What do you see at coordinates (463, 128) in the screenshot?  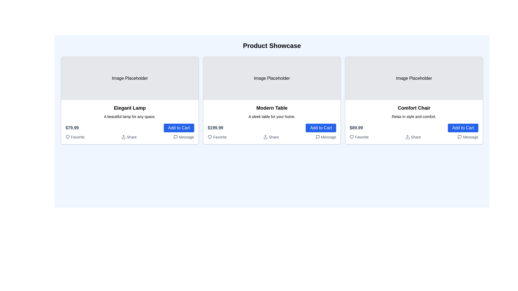 I see `the 'Add to Cart' button for the 'Comfort Chair' product located in the bottom-right section of the product card to trigger visual feedback` at bounding box center [463, 128].